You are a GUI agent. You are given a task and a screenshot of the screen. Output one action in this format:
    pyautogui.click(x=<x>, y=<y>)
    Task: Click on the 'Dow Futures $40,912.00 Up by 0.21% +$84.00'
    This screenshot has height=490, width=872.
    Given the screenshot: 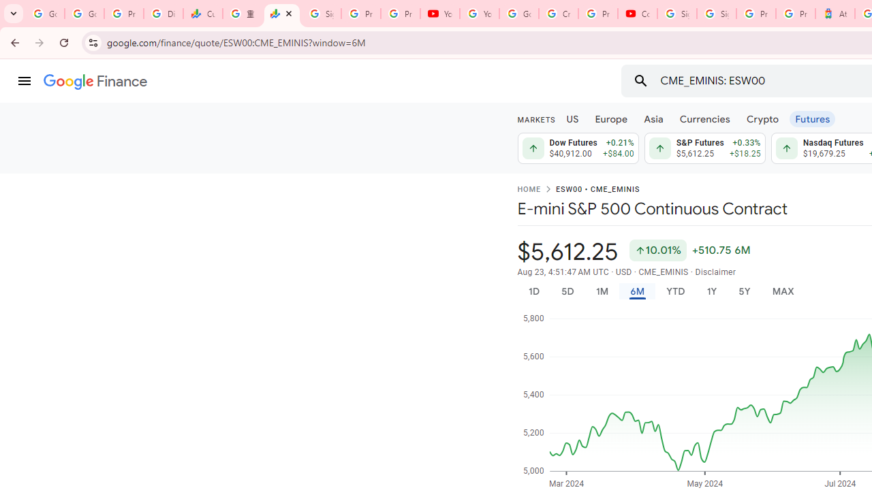 What is the action you would take?
    pyautogui.click(x=578, y=148)
    